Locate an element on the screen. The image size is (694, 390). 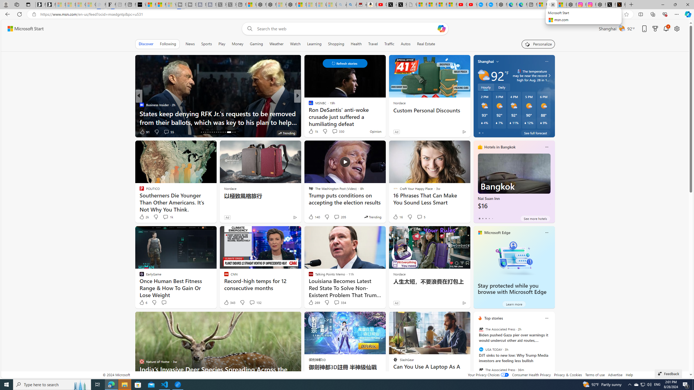
'Travel' is located at coordinates (373, 44).